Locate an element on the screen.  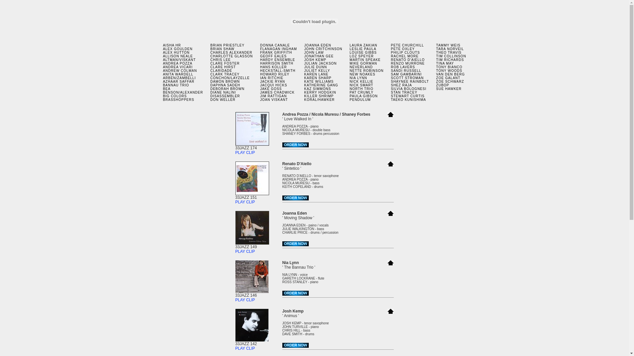
'PAT CRUMLY' is located at coordinates (361, 92).